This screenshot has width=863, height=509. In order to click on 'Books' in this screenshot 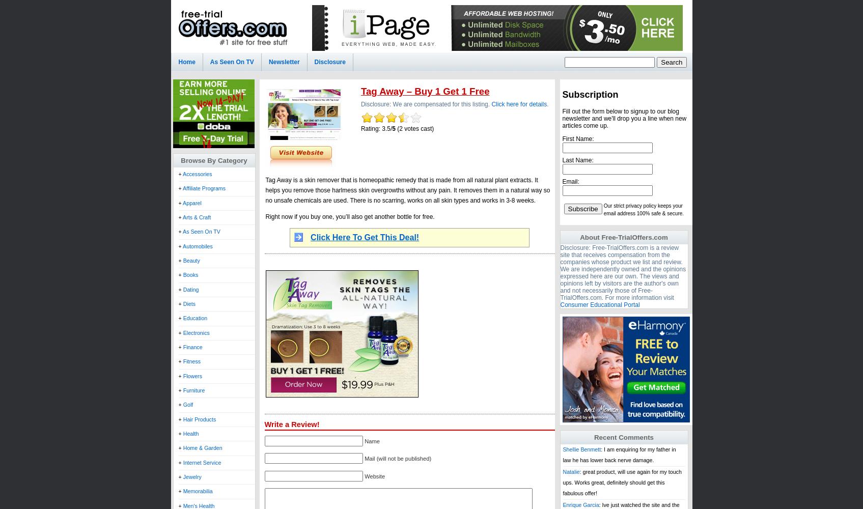, I will do `click(189, 275)`.